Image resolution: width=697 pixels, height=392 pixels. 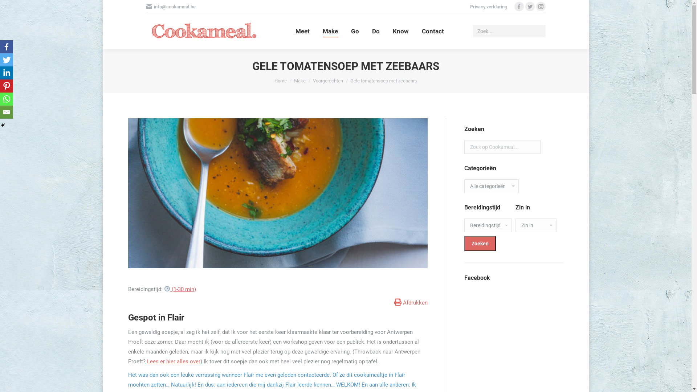 What do you see at coordinates (480, 244) in the screenshot?
I see `'Zoeken'` at bounding box center [480, 244].